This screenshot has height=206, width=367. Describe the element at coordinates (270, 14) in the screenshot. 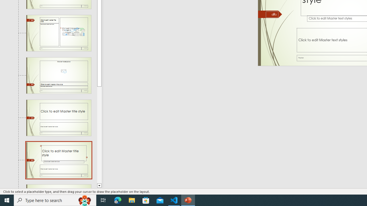

I see `'Freeform 11'` at that location.